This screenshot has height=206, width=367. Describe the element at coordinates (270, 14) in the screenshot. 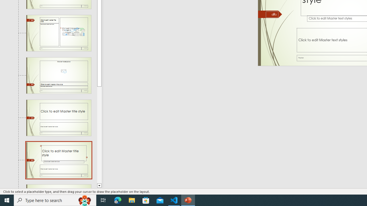

I see `'Freeform 11'` at that location.